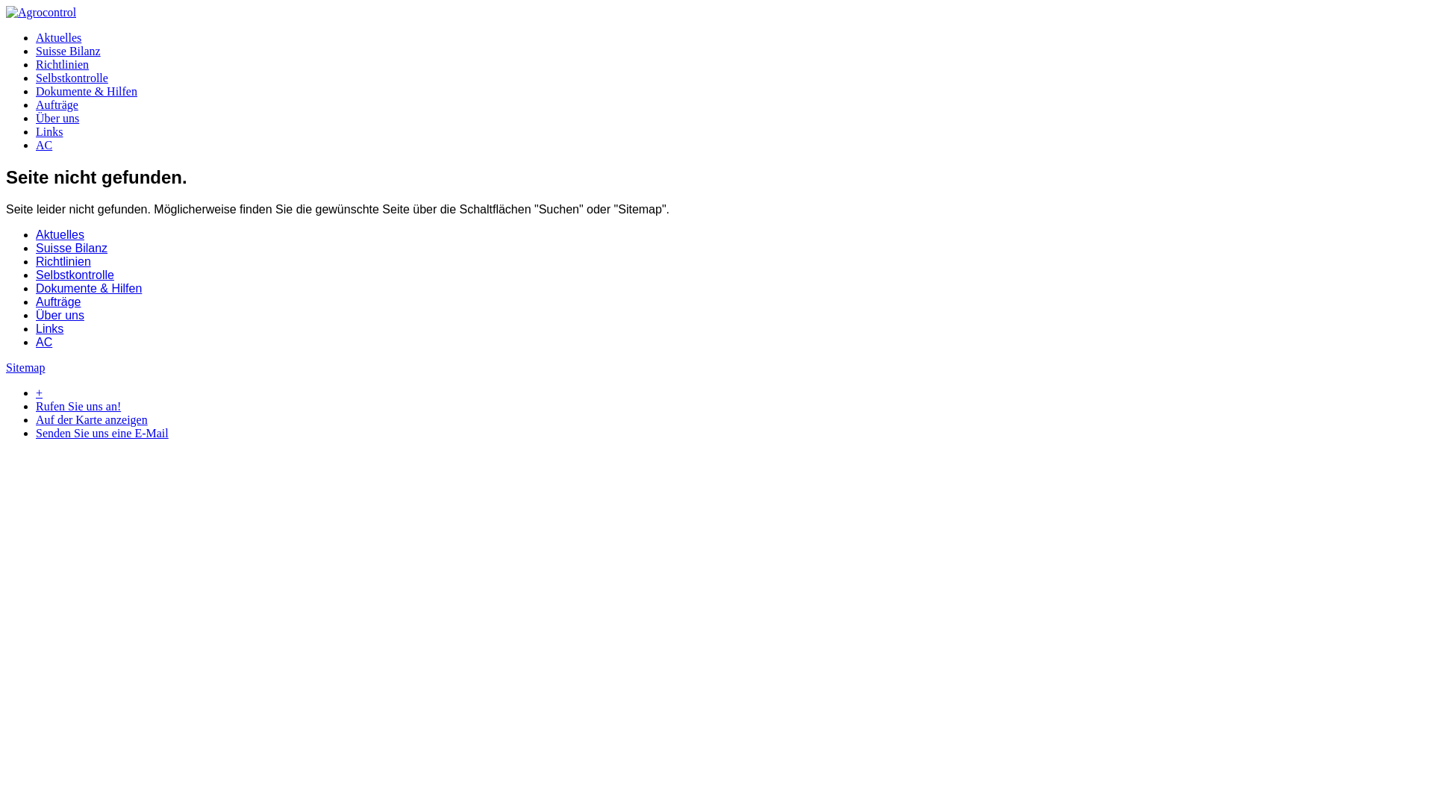 The height and width of the screenshot is (806, 1433). I want to click on 'Links', so click(49, 328).